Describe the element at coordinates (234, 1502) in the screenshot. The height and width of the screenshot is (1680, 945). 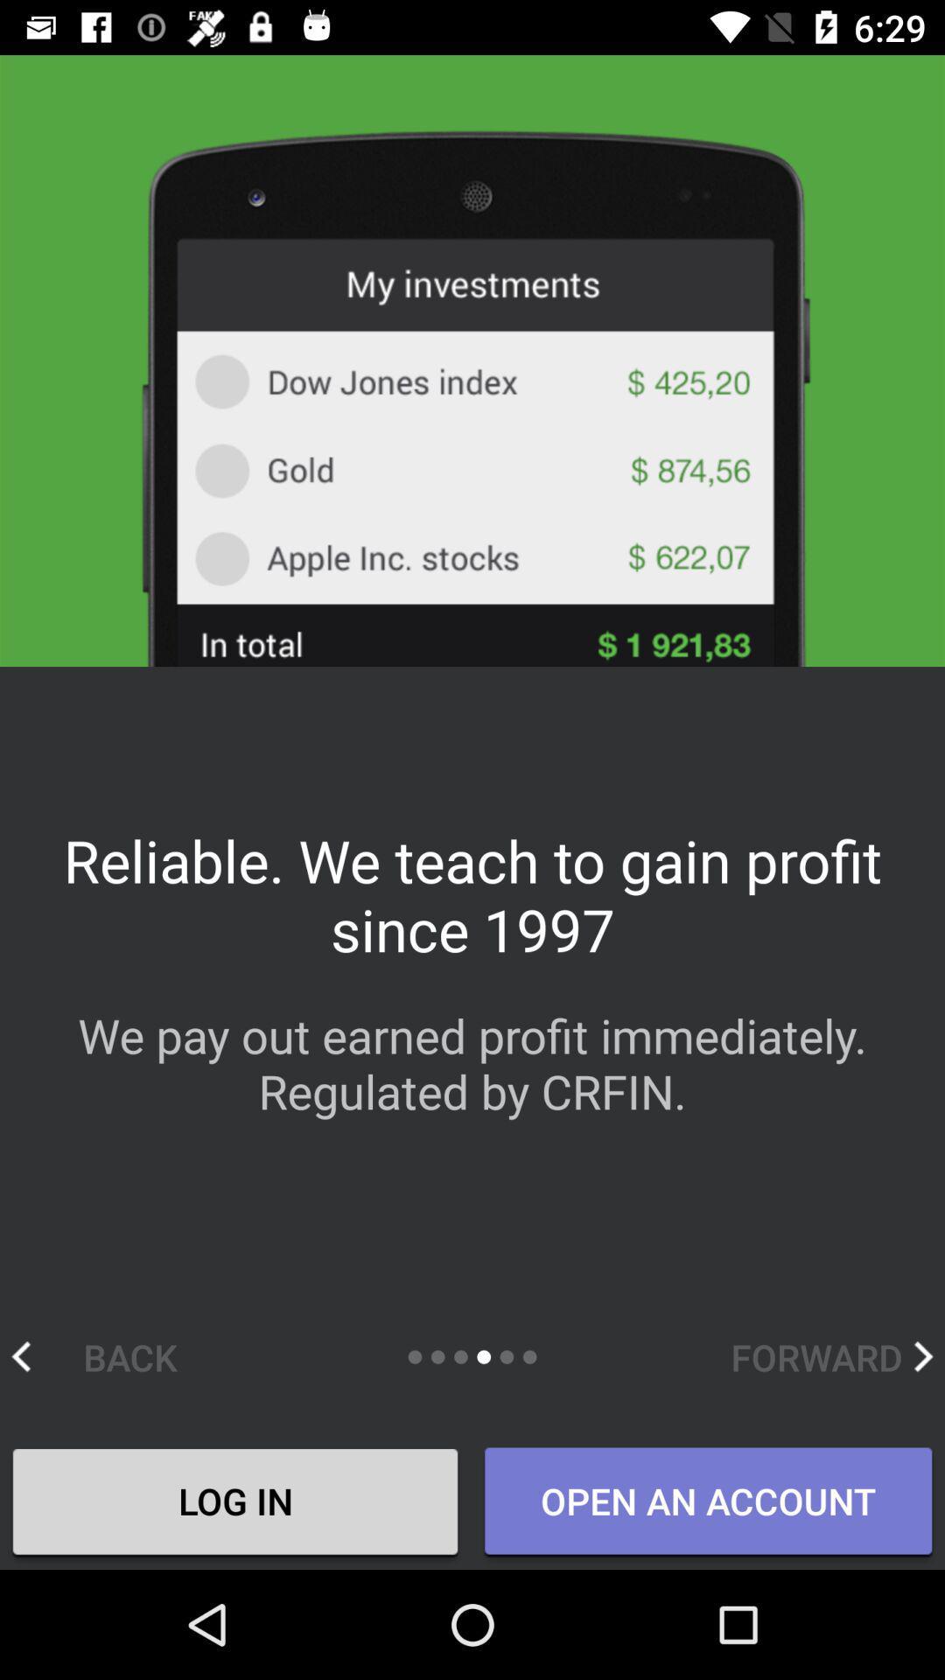
I see `the icon next to the open an account` at that location.